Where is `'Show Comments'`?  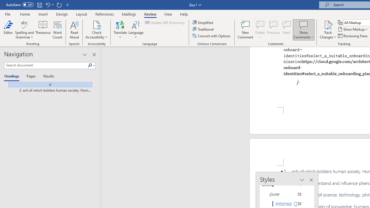 'Show Comments' is located at coordinates (303, 24).